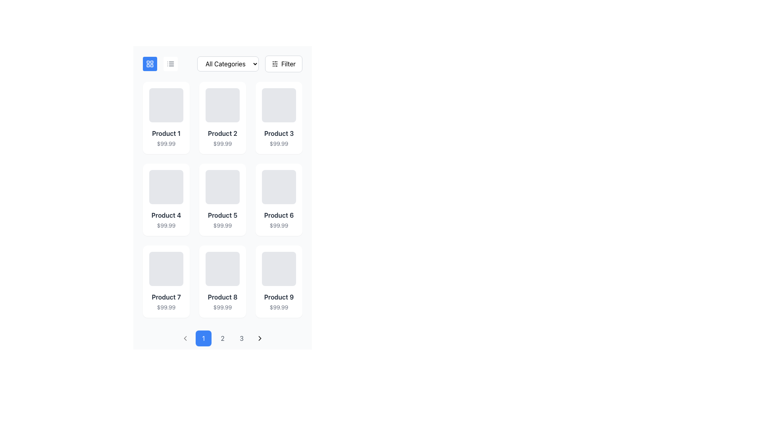 This screenshot has width=762, height=429. Describe the element at coordinates (150, 64) in the screenshot. I see `the grid layout icon button located in the top-left section of the interface to switch to grid layout view of the displayed products` at that location.